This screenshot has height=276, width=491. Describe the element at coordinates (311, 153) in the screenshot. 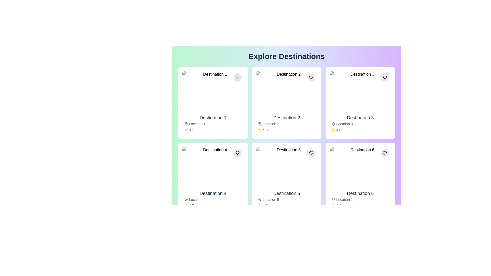

I see `the heart-shaped outline button located in the top-right corner of the 'Destination 5' card` at that location.